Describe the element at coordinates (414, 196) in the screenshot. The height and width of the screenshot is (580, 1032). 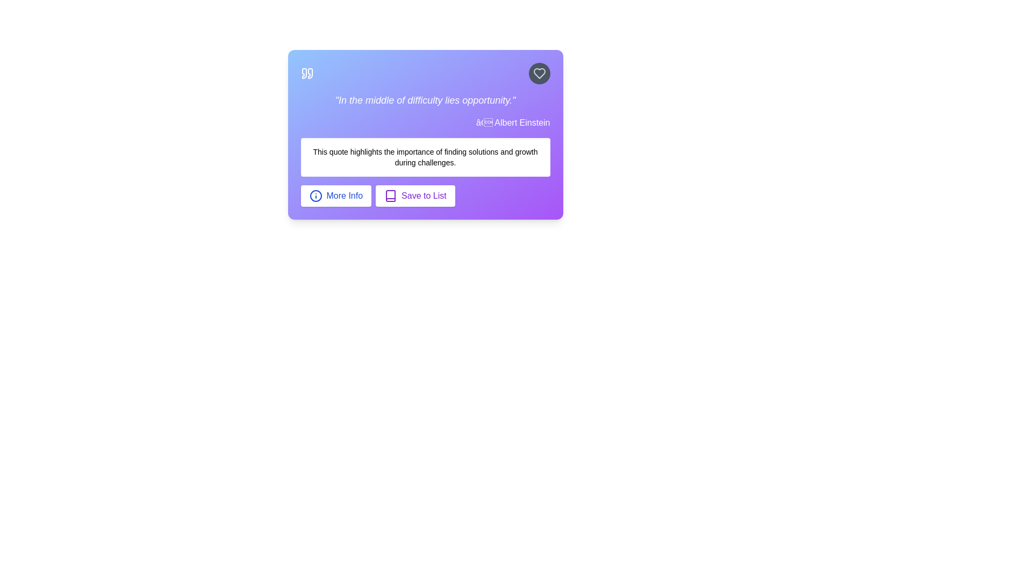
I see `the 'Save to List' button, which features purple text and a book-like icon, to observe its hover effects` at that location.